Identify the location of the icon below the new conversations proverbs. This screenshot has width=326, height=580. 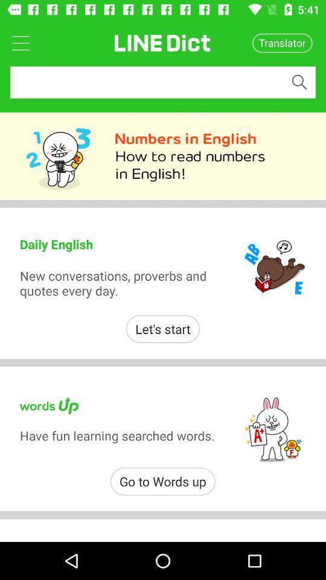
(163, 329).